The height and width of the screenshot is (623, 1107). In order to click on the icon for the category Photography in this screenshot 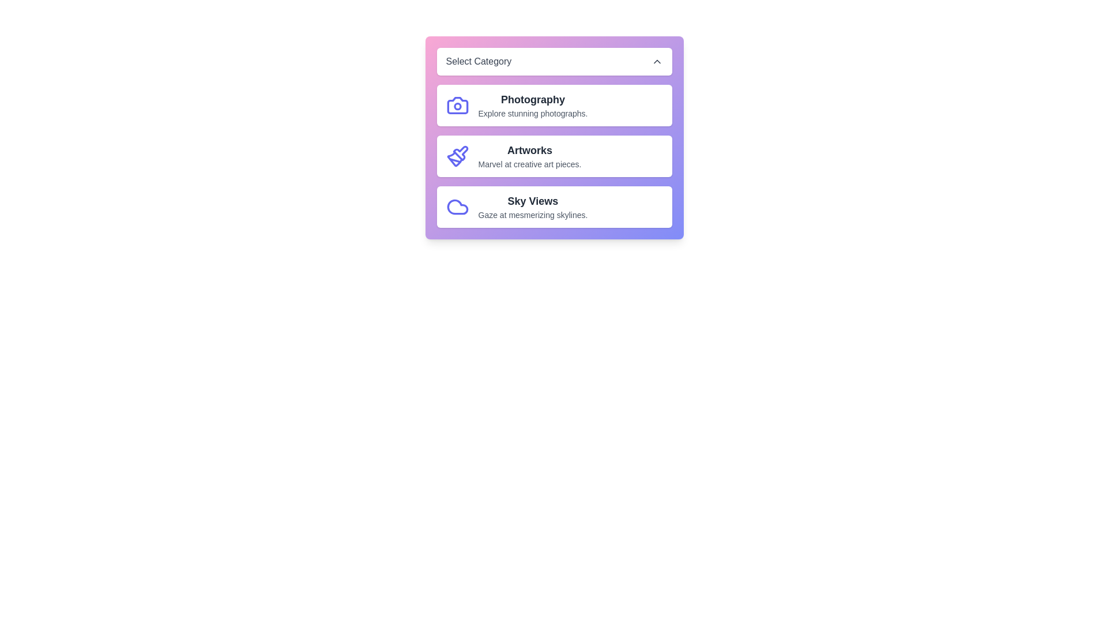, I will do `click(457, 105)`.